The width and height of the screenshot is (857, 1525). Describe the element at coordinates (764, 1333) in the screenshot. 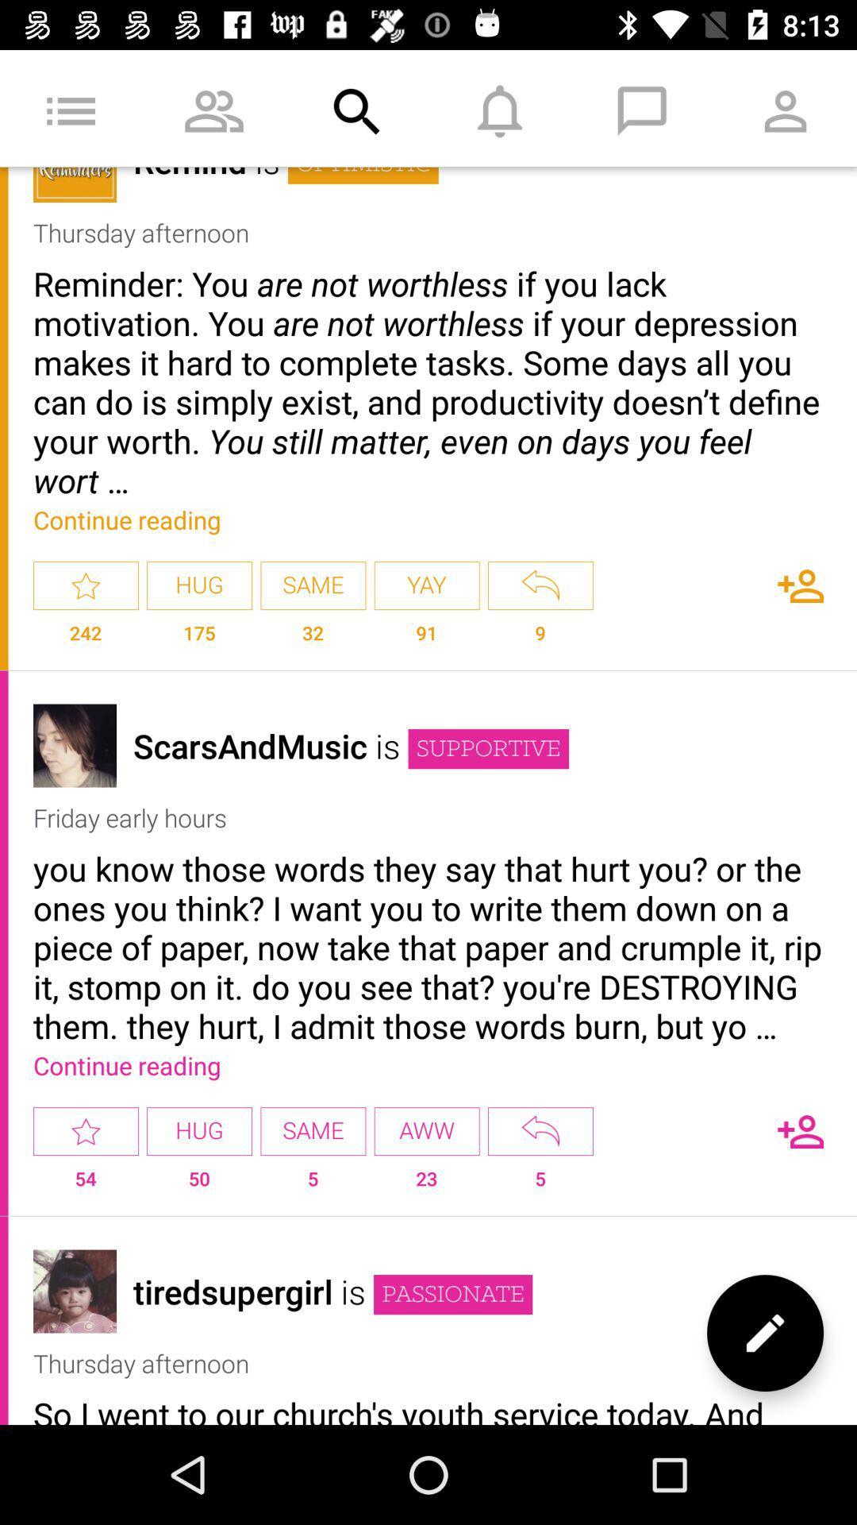

I see `the edit icon` at that location.